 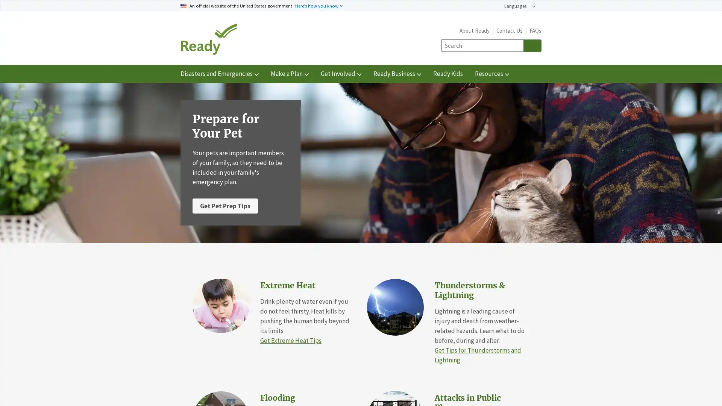 What do you see at coordinates (341, 74) in the screenshot?
I see `Get Involved` at bounding box center [341, 74].